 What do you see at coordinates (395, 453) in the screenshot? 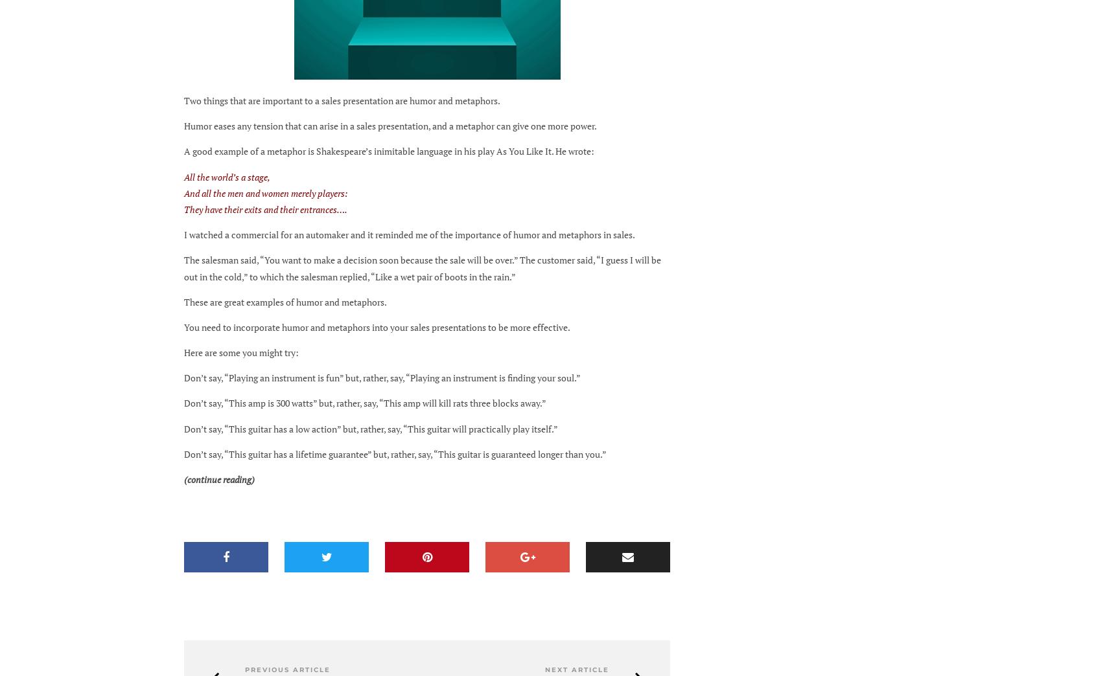
I see `'Don’t say, “This guitar has a lifetime guarantee” but, rather, say, “This guitar is guaranteed longer than you.”'` at bounding box center [395, 453].